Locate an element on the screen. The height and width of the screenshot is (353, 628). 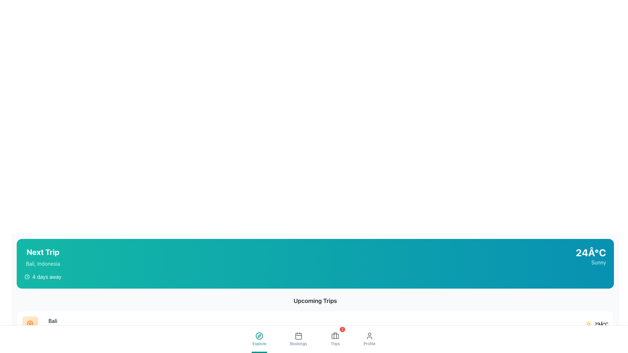
the Text block with supplementary iconography that provides trip details, located in the upper left segment of the card is located at coordinates (43, 263).